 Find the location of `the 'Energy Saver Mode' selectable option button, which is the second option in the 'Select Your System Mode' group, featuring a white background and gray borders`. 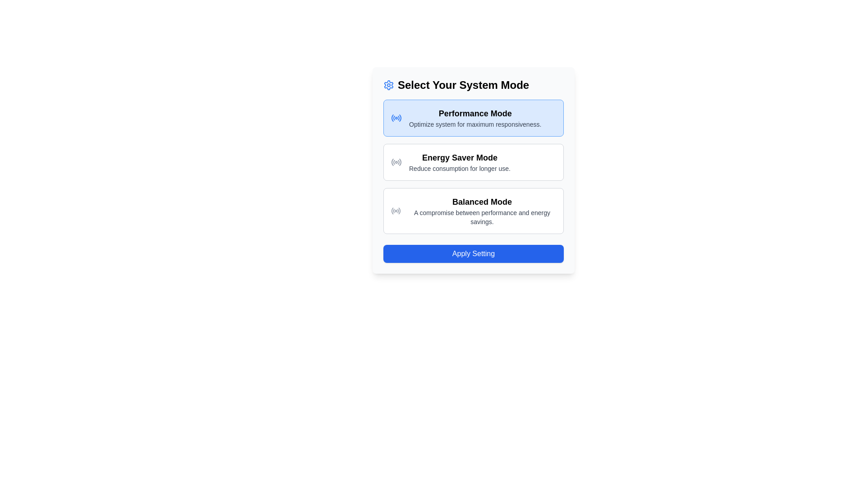

the 'Energy Saver Mode' selectable option button, which is the second option in the 'Select Your System Mode' group, featuring a white background and gray borders is located at coordinates (473, 161).